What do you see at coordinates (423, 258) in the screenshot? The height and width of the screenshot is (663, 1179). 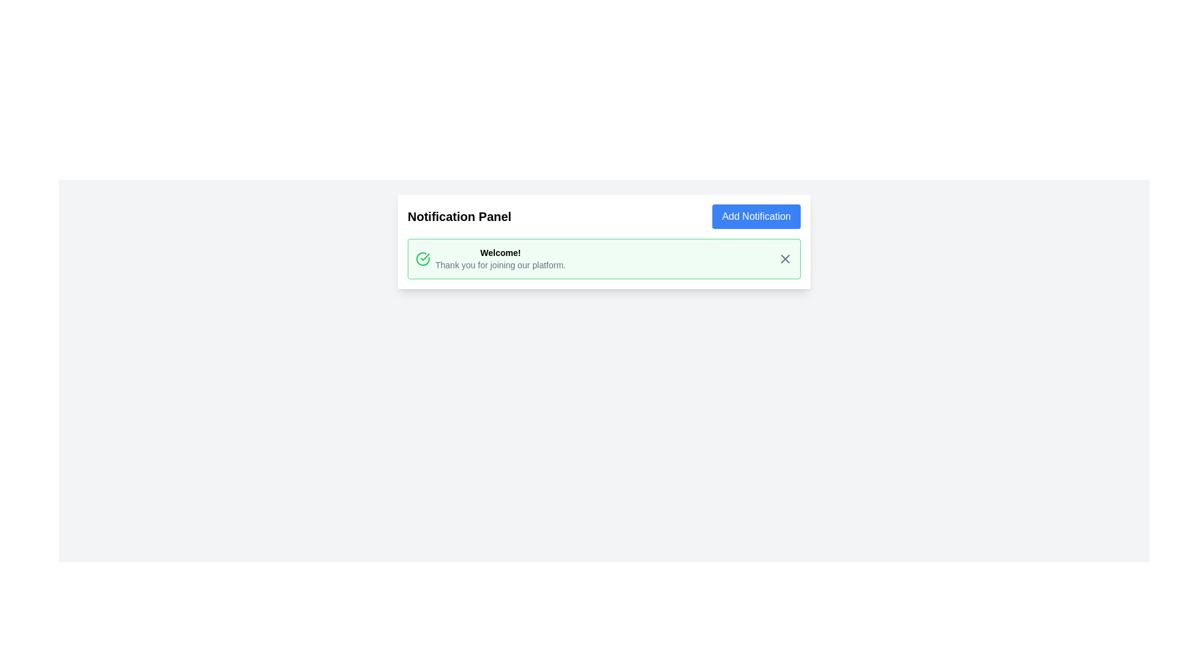 I see `the confirmation icon located to the left of the text 'Welcome!' in the notification card` at bounding box center [423, 258].